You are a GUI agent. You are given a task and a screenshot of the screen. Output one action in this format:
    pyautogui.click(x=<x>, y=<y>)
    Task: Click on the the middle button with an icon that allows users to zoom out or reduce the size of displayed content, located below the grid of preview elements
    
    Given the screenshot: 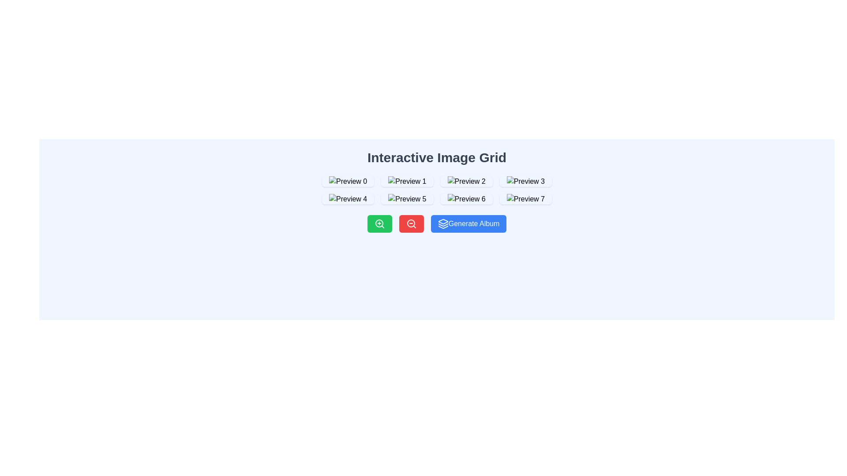 What is the action you would take?
    pyautogui.click(x=411, y=223)
    